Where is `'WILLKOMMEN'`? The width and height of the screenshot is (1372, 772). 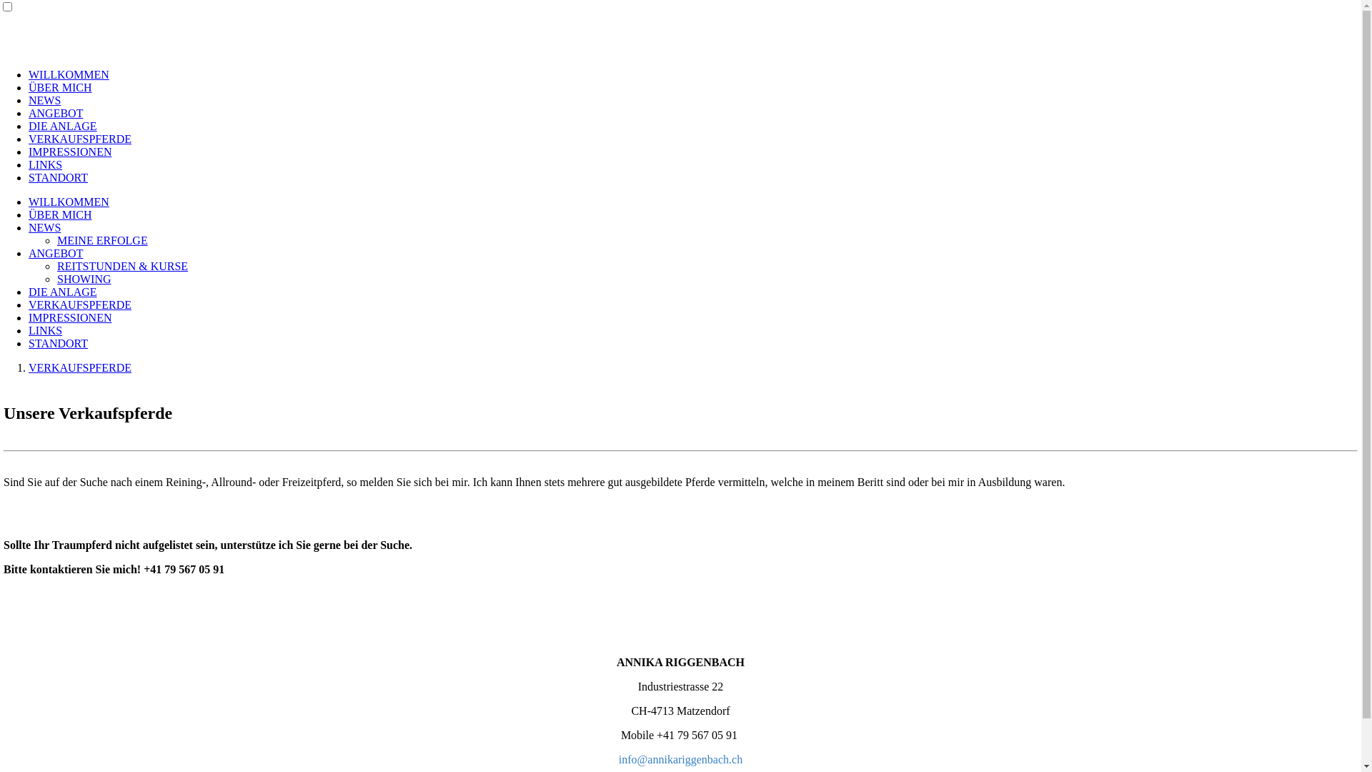
'WILLKOMMEN' is located at coordinates (28, 74).